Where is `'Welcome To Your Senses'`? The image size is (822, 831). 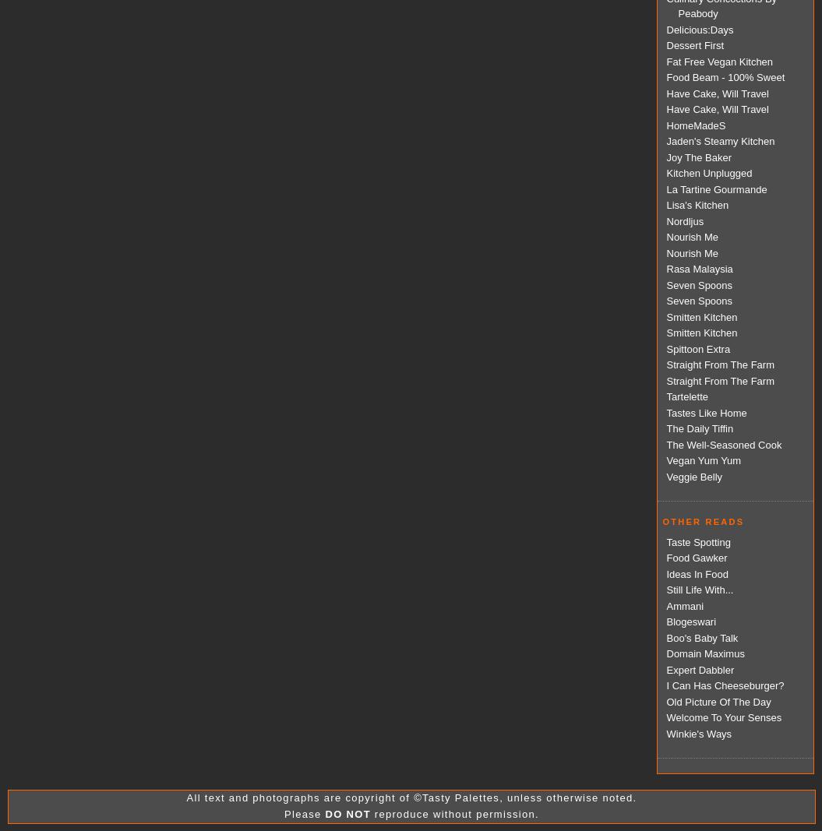
'Welcome To Your Senses' is located at coordinates (723, 717).